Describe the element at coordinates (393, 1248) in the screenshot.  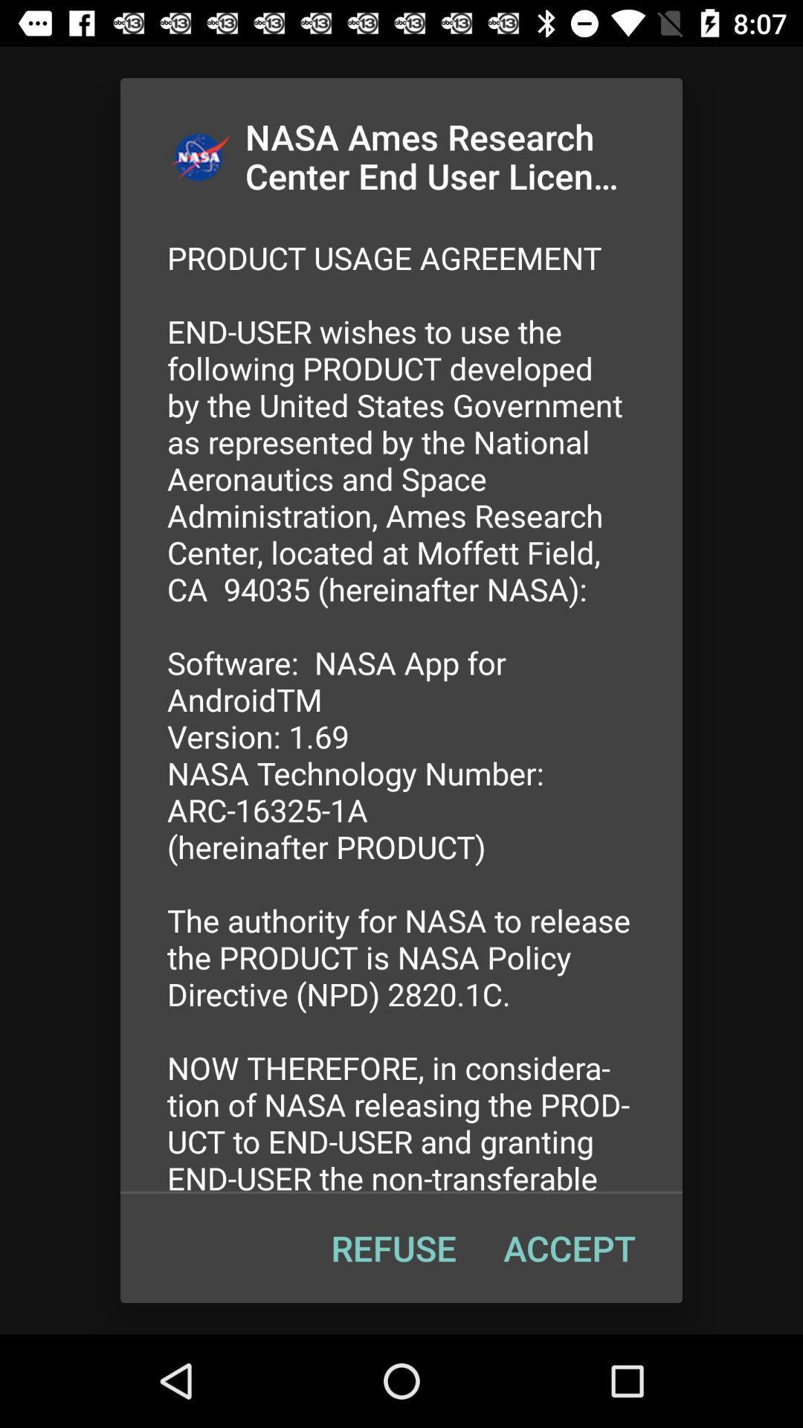
I see `refuse icon` at that location.